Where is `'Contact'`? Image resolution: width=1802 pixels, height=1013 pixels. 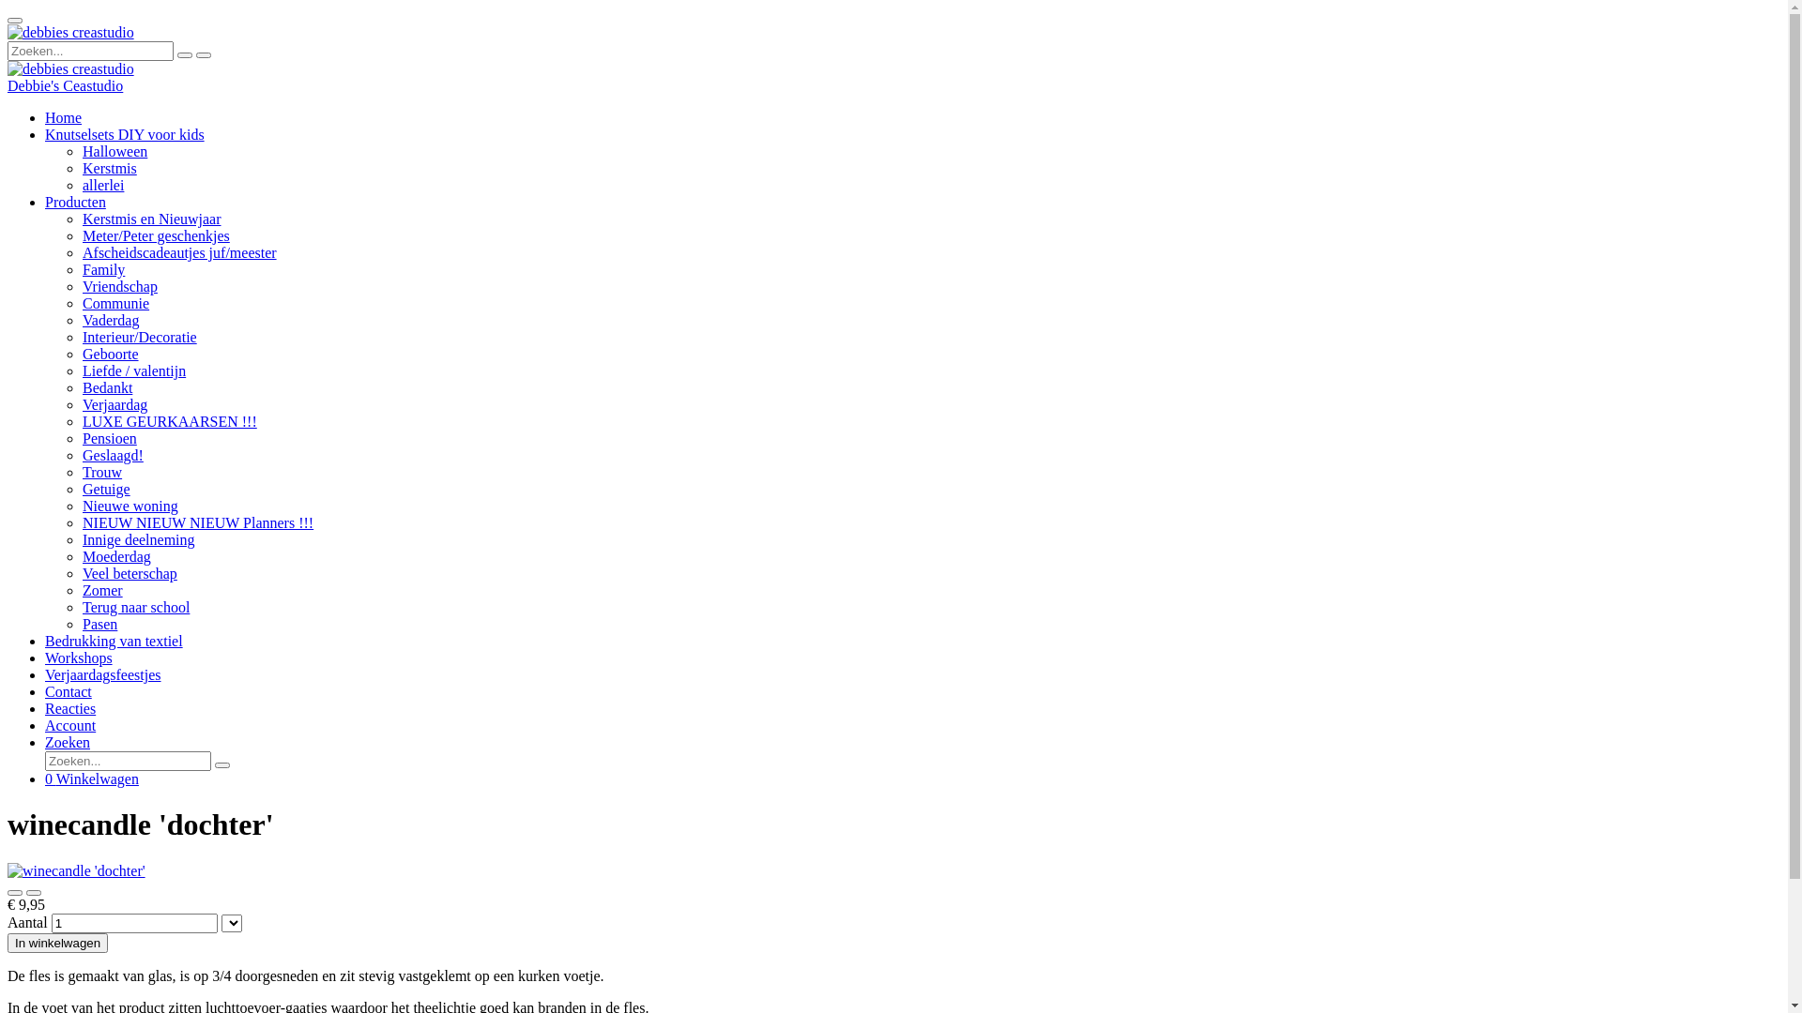 'Contact' is located at coordinates (45, 691).